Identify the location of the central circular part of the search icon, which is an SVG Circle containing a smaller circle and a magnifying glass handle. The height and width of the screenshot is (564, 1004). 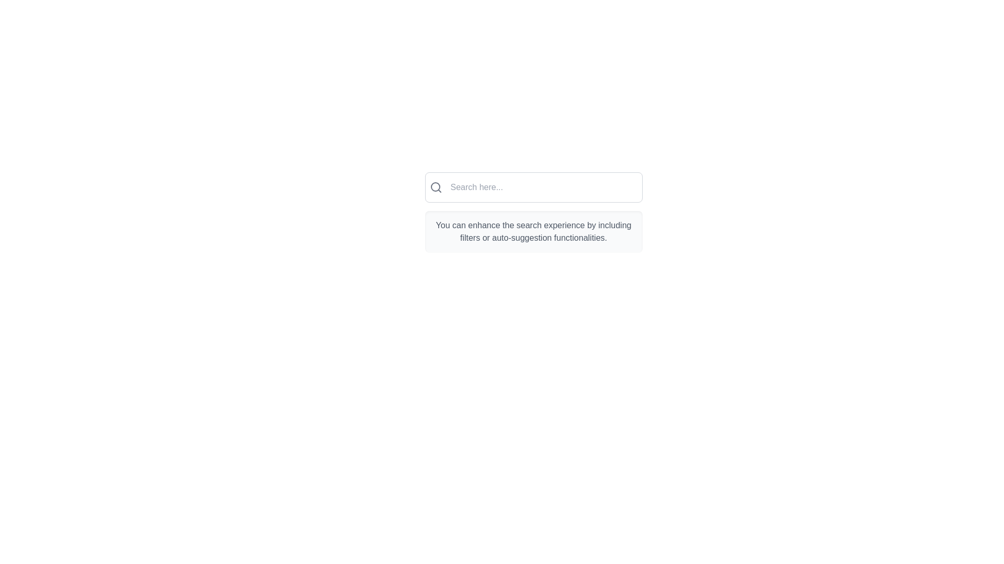
(435, 186).